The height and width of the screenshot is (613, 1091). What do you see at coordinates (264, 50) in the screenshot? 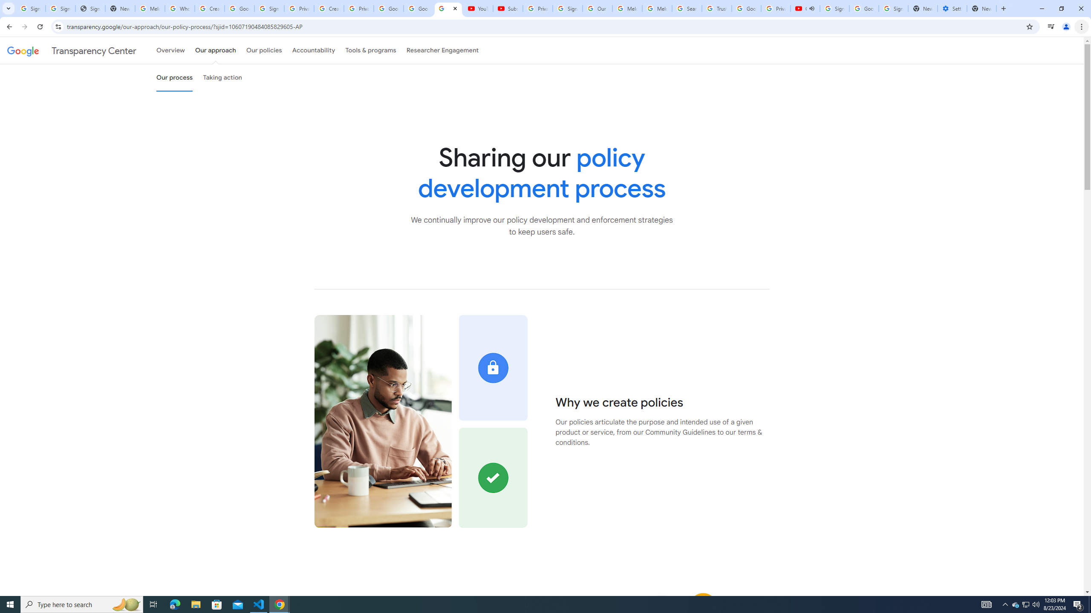
I see `'Our policies'` at bounding box center [264, 50].